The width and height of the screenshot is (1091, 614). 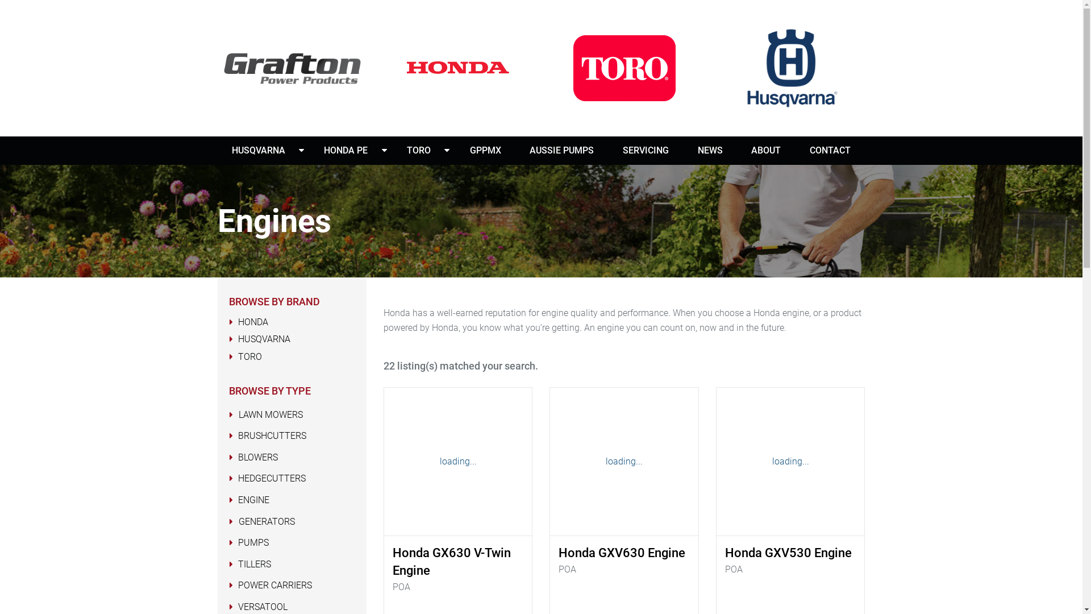 What do you see at coordinates (236, 499) in the screenshot?
I see `'ENGINE'` at bounding box center [236, 499].